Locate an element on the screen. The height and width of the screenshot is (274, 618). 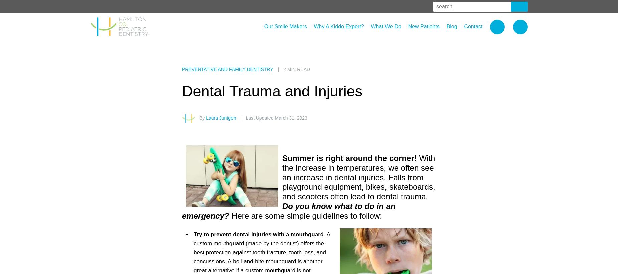
'Desensitization Program' is located at coordinates (408, 46).